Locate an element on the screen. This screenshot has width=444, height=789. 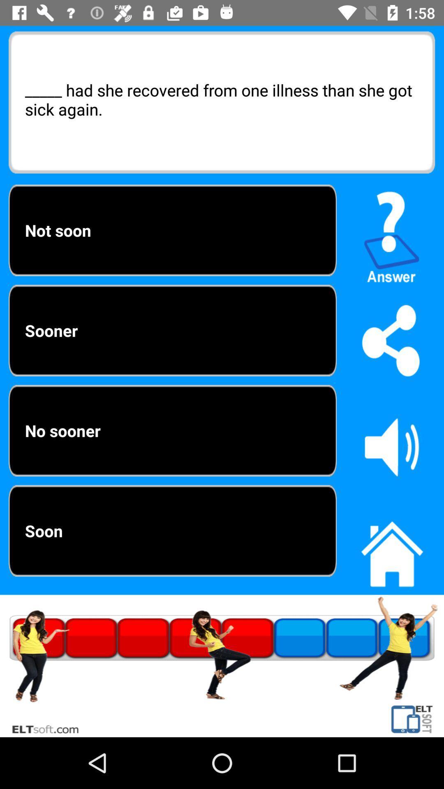
icon at the bottom right corner is located at coordinates (391, 549).